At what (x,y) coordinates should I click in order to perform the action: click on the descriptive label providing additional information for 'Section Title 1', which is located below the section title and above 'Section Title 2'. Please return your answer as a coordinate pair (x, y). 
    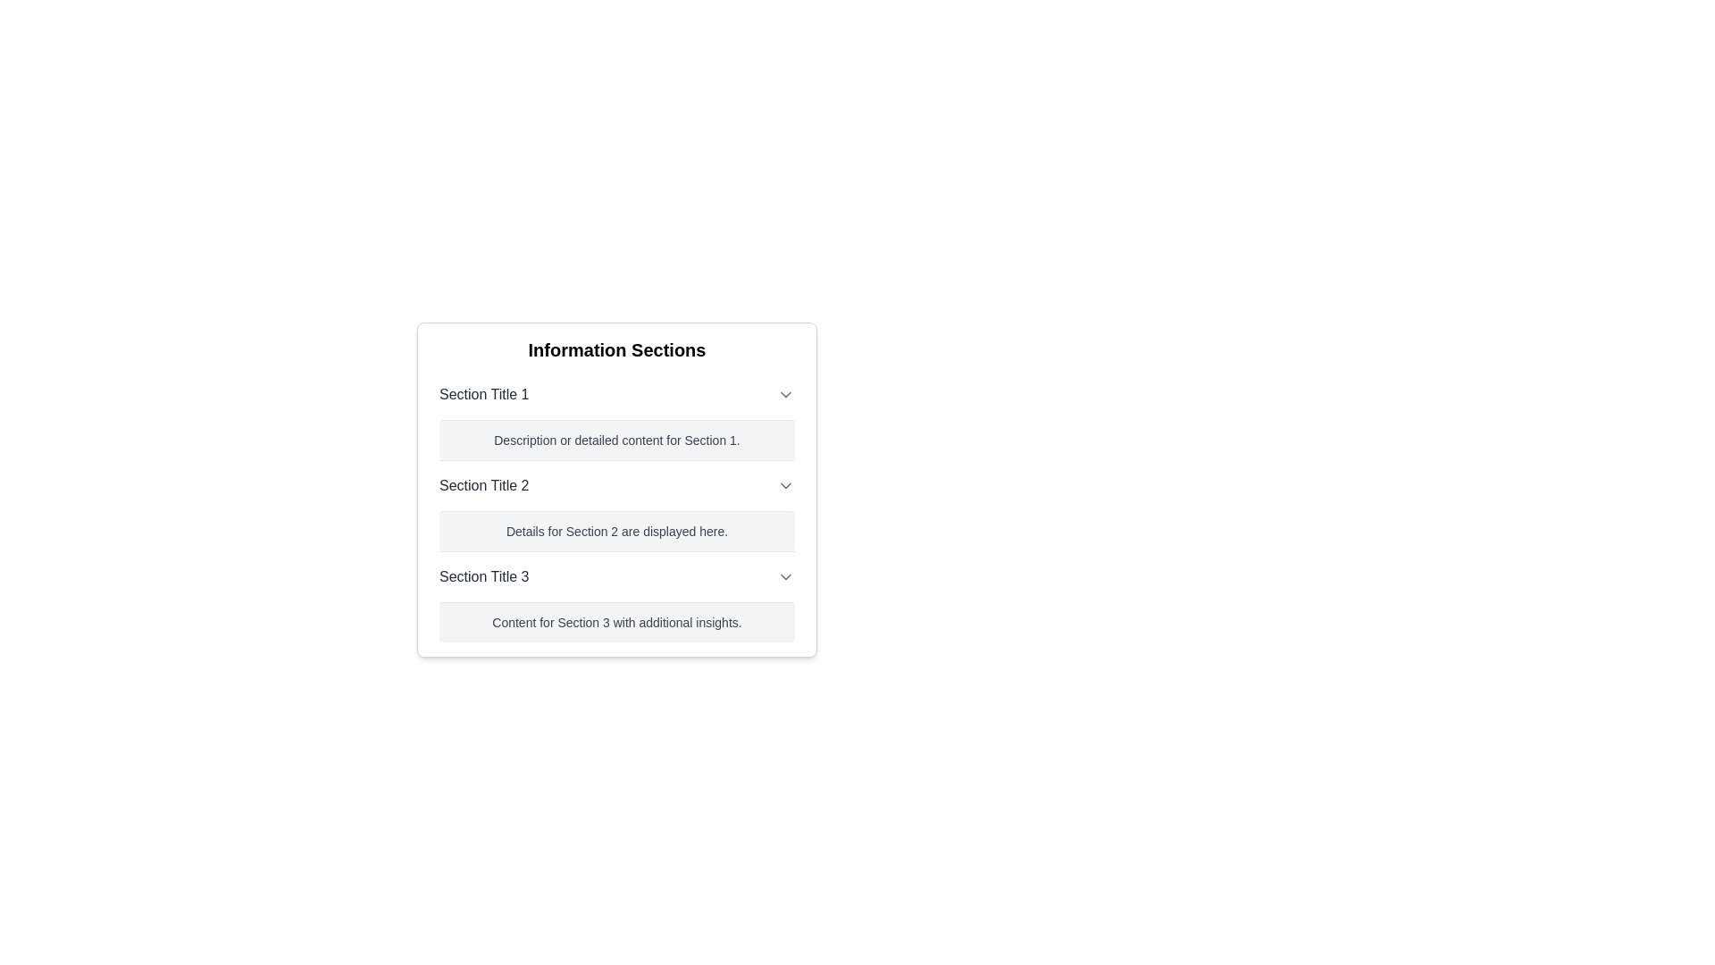
    Looking at the image, I should click on (617, 441).